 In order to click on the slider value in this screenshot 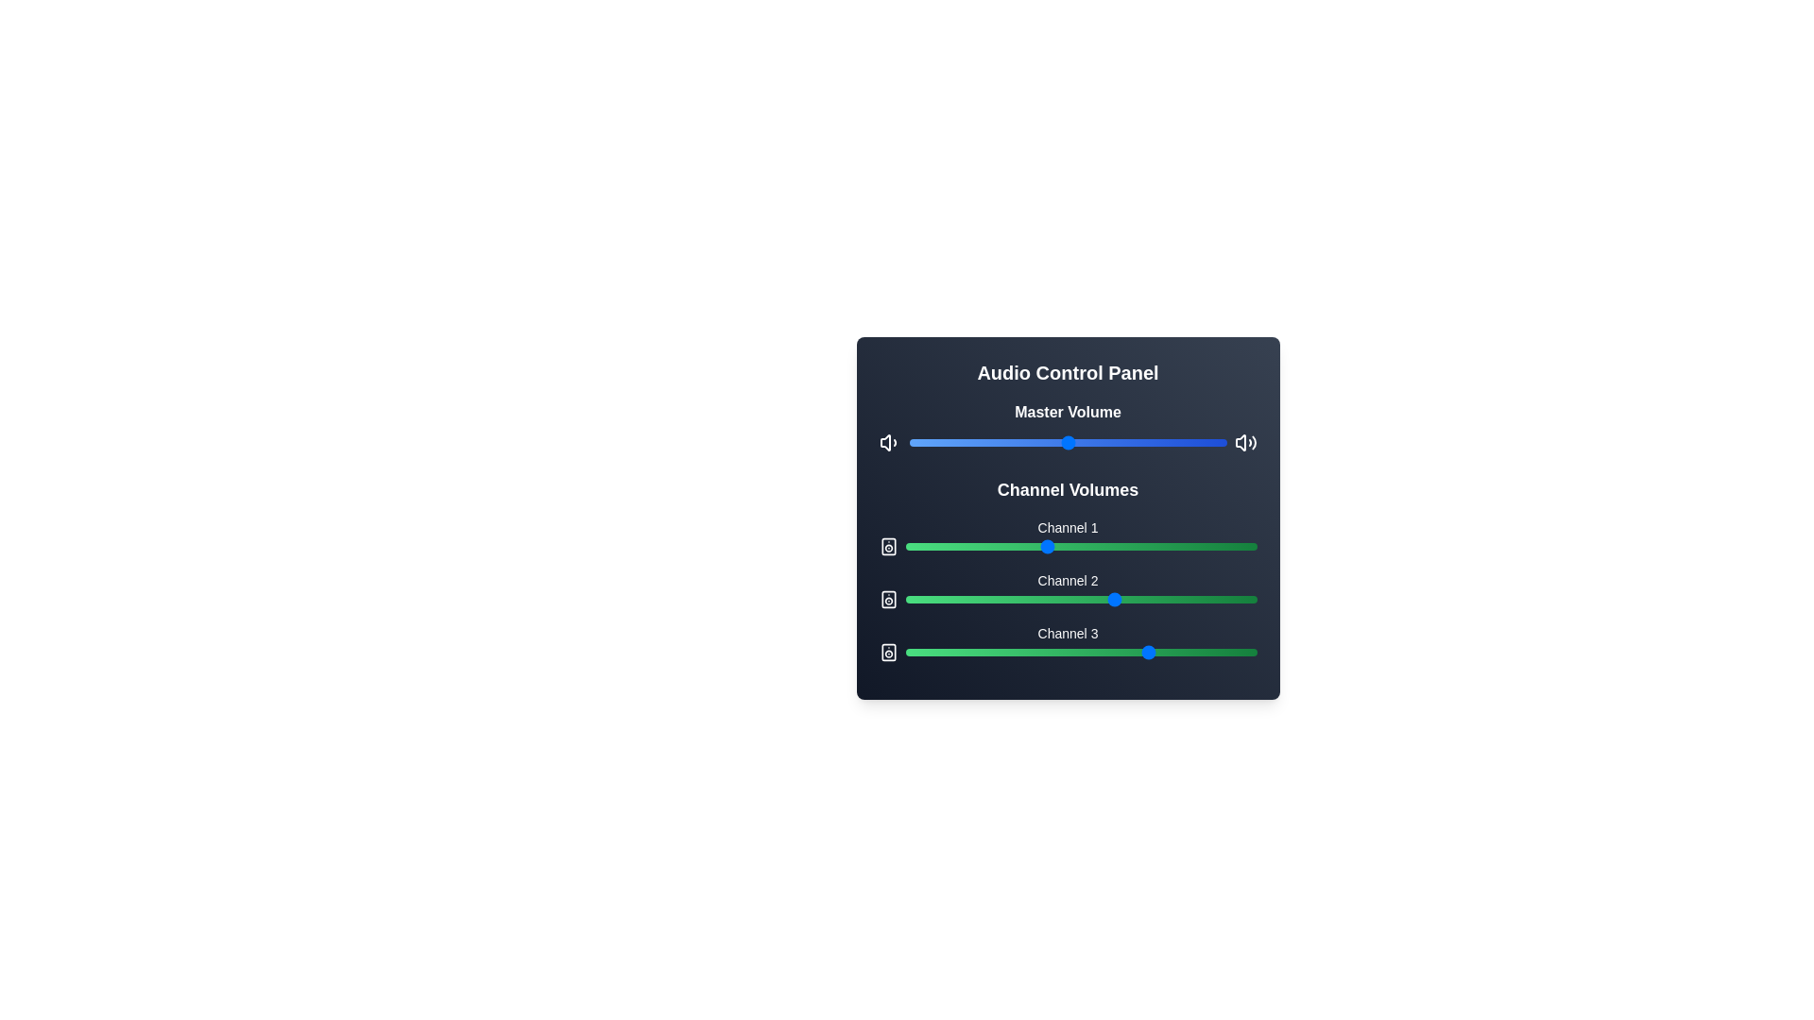, I will do `click(1211, 600)`.